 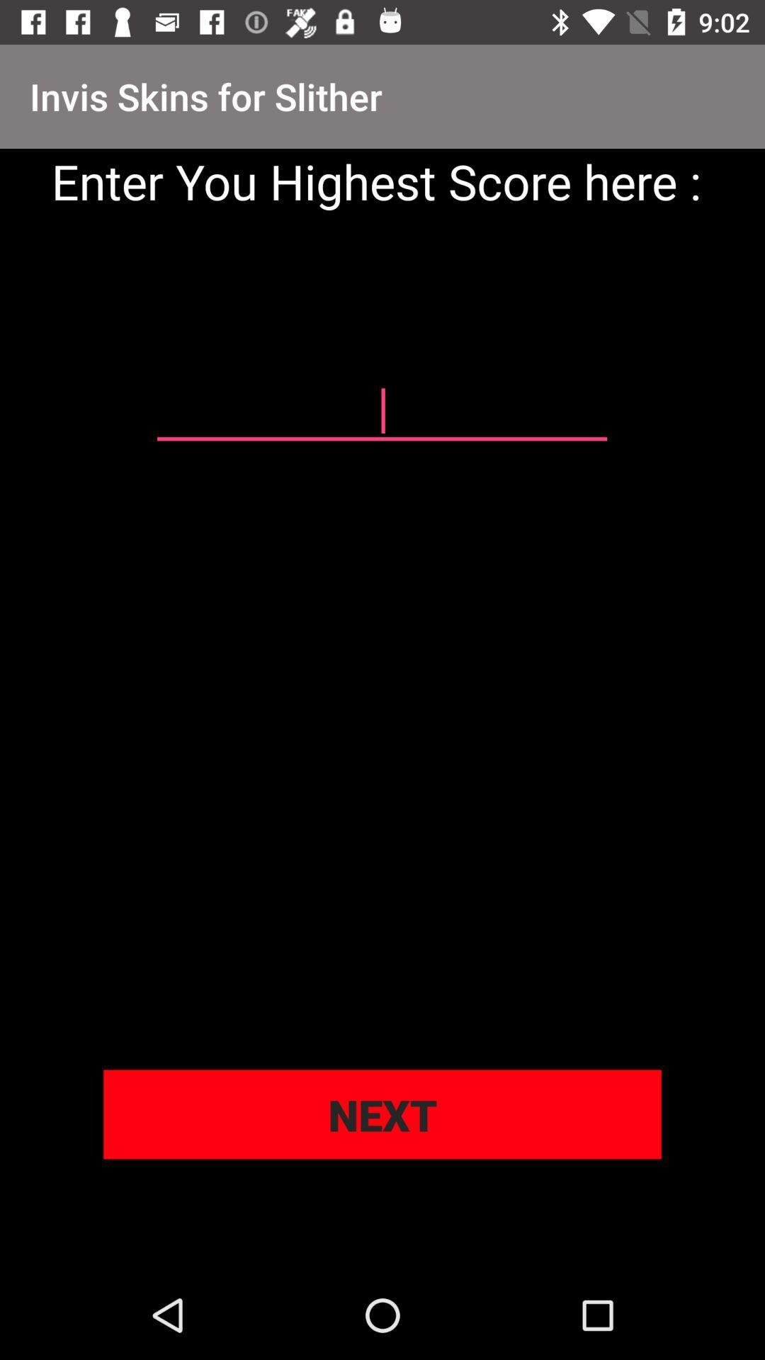 I want to click on high score, so click(x=381, y=411).